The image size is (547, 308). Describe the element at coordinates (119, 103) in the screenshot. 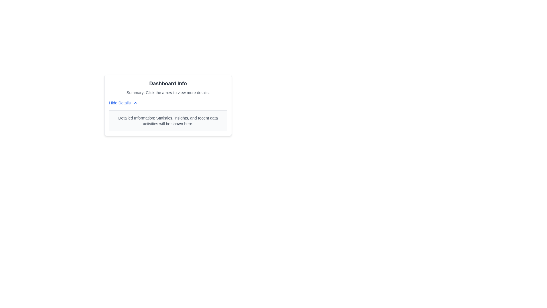

I see `the 'Hide Details' text link styled in blue font` at that location.